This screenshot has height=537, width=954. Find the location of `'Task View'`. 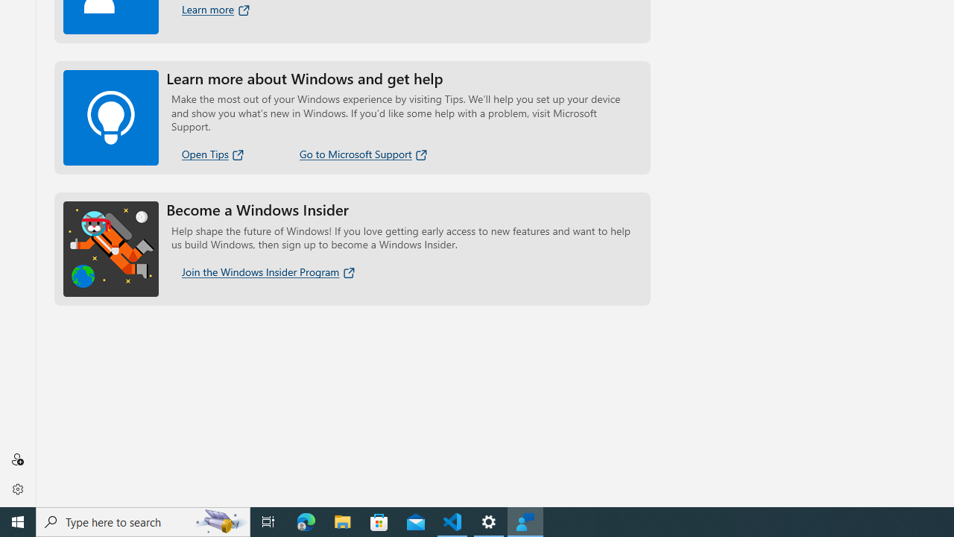

'Task View' is located at coordinates (268, 521).